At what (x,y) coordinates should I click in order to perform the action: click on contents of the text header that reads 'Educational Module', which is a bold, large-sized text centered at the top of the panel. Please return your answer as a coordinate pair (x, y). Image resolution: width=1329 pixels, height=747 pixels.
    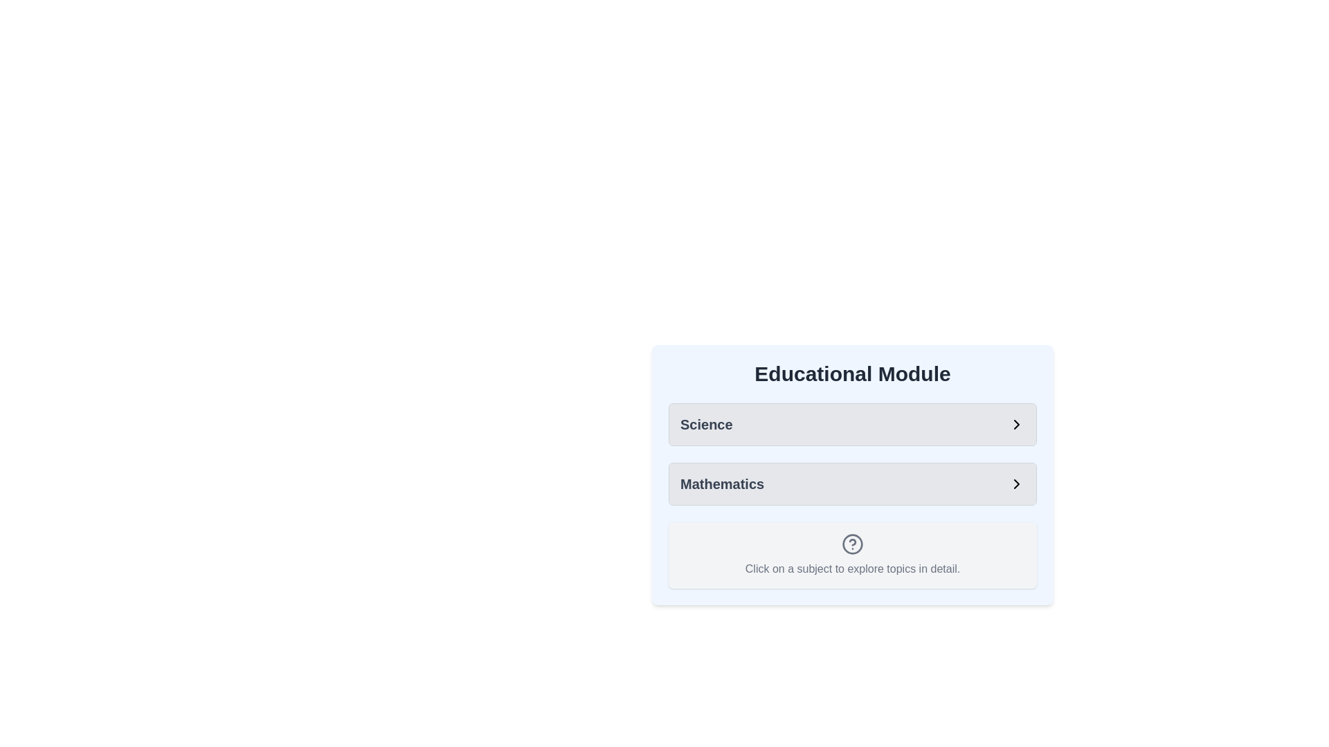
    Looking at the image, I should click on (852, 373).